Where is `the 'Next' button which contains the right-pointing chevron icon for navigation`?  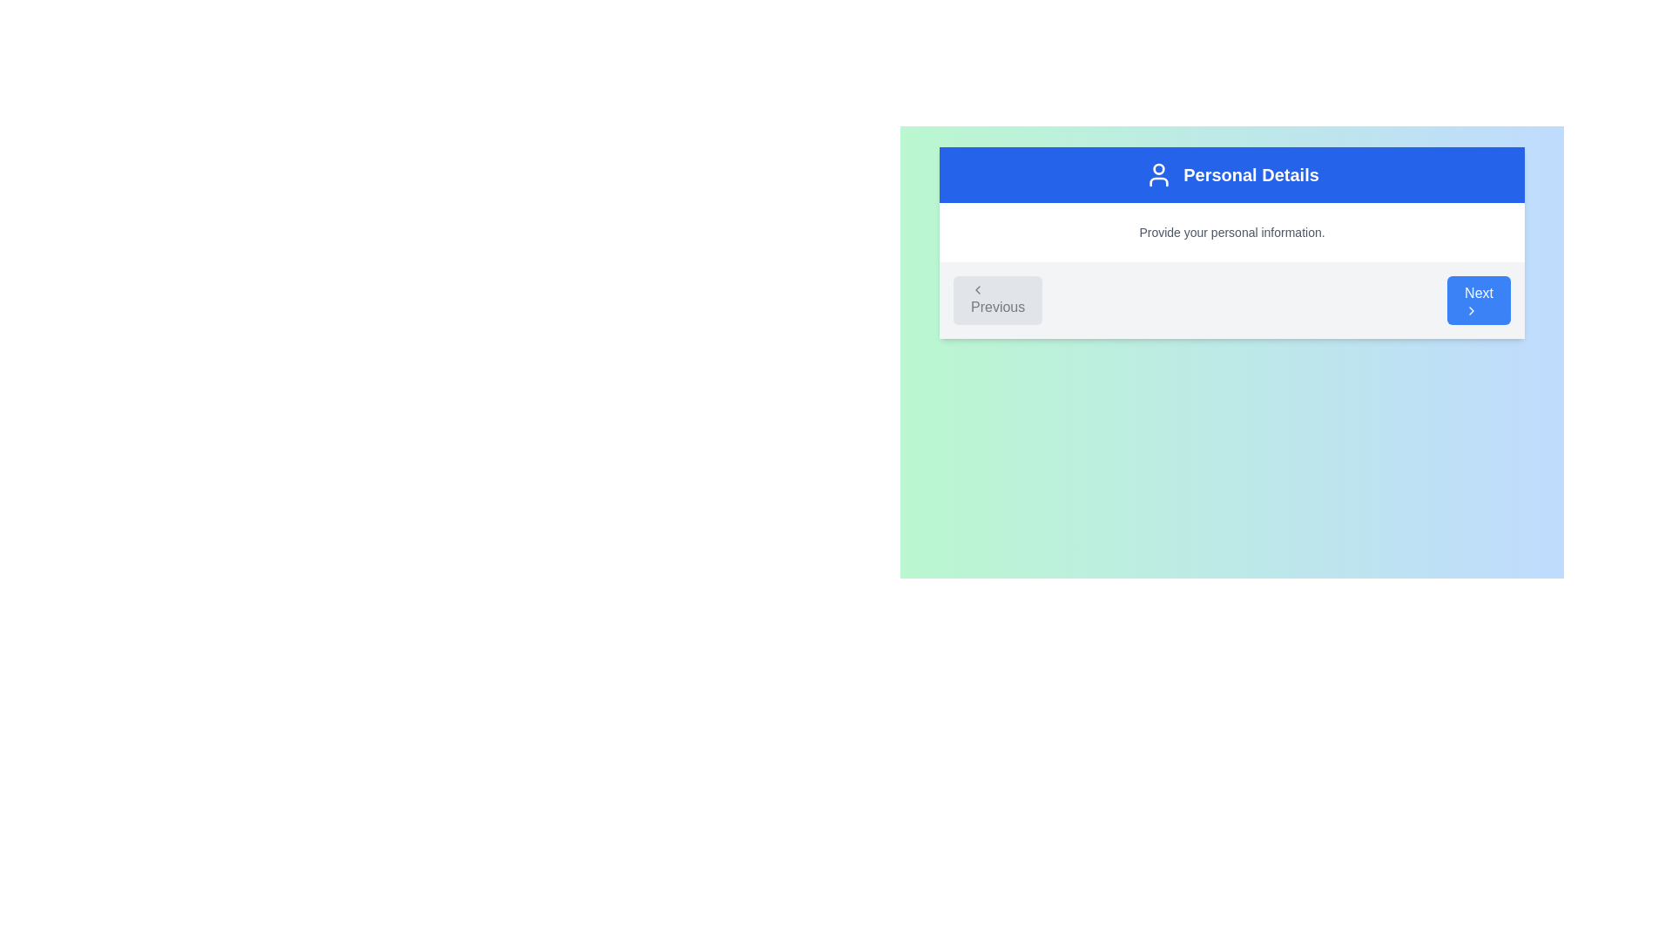
the 'Next' button which contains the right-pointing chevron icon for navigation is located at coordinates (1470, 310).